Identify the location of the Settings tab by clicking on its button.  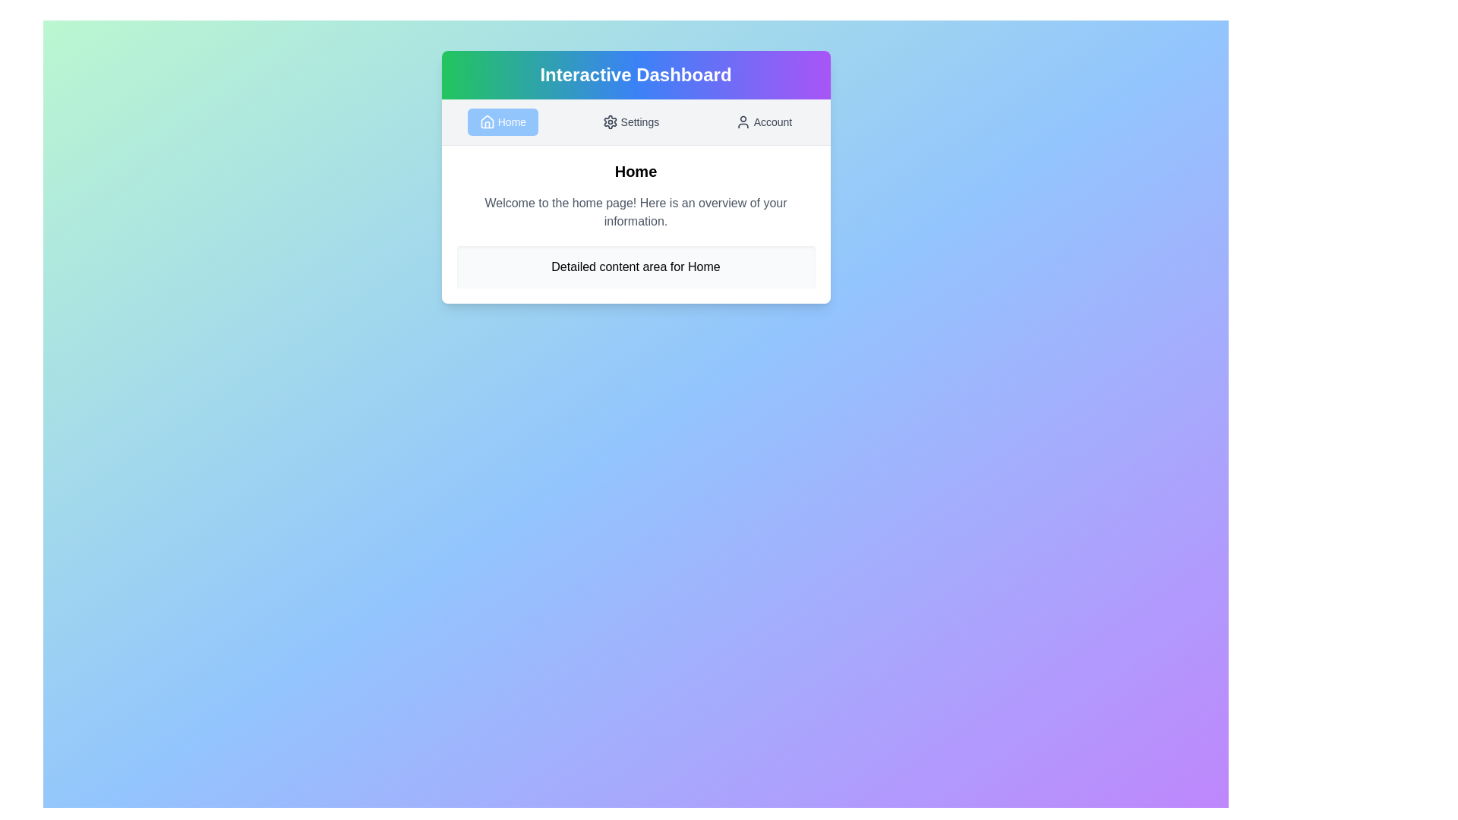
(630, 121).